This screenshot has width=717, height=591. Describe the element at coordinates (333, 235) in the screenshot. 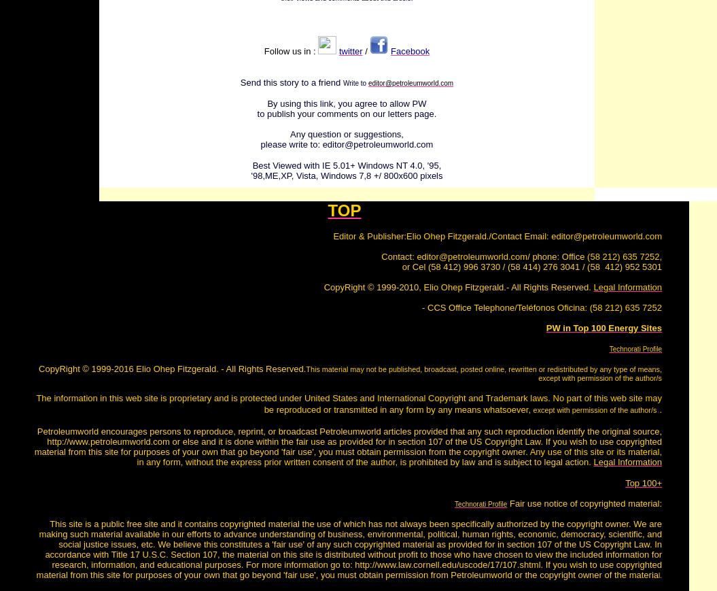

I see `'Editor'` at that location.